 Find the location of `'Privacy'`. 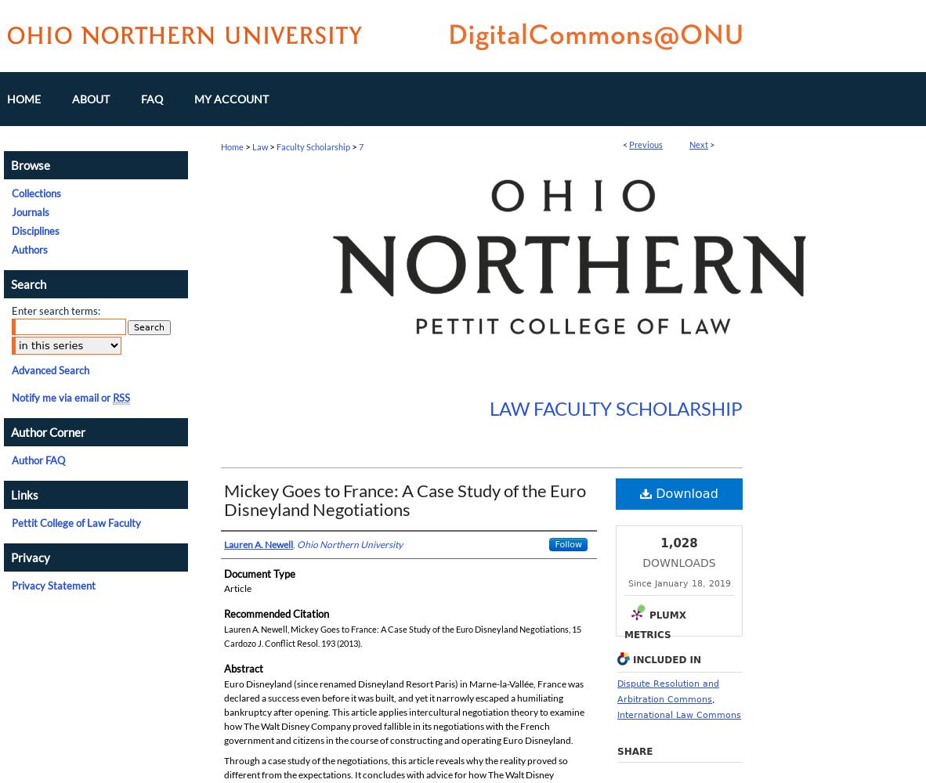

'Privacy' is located at coordinates (30, 556).